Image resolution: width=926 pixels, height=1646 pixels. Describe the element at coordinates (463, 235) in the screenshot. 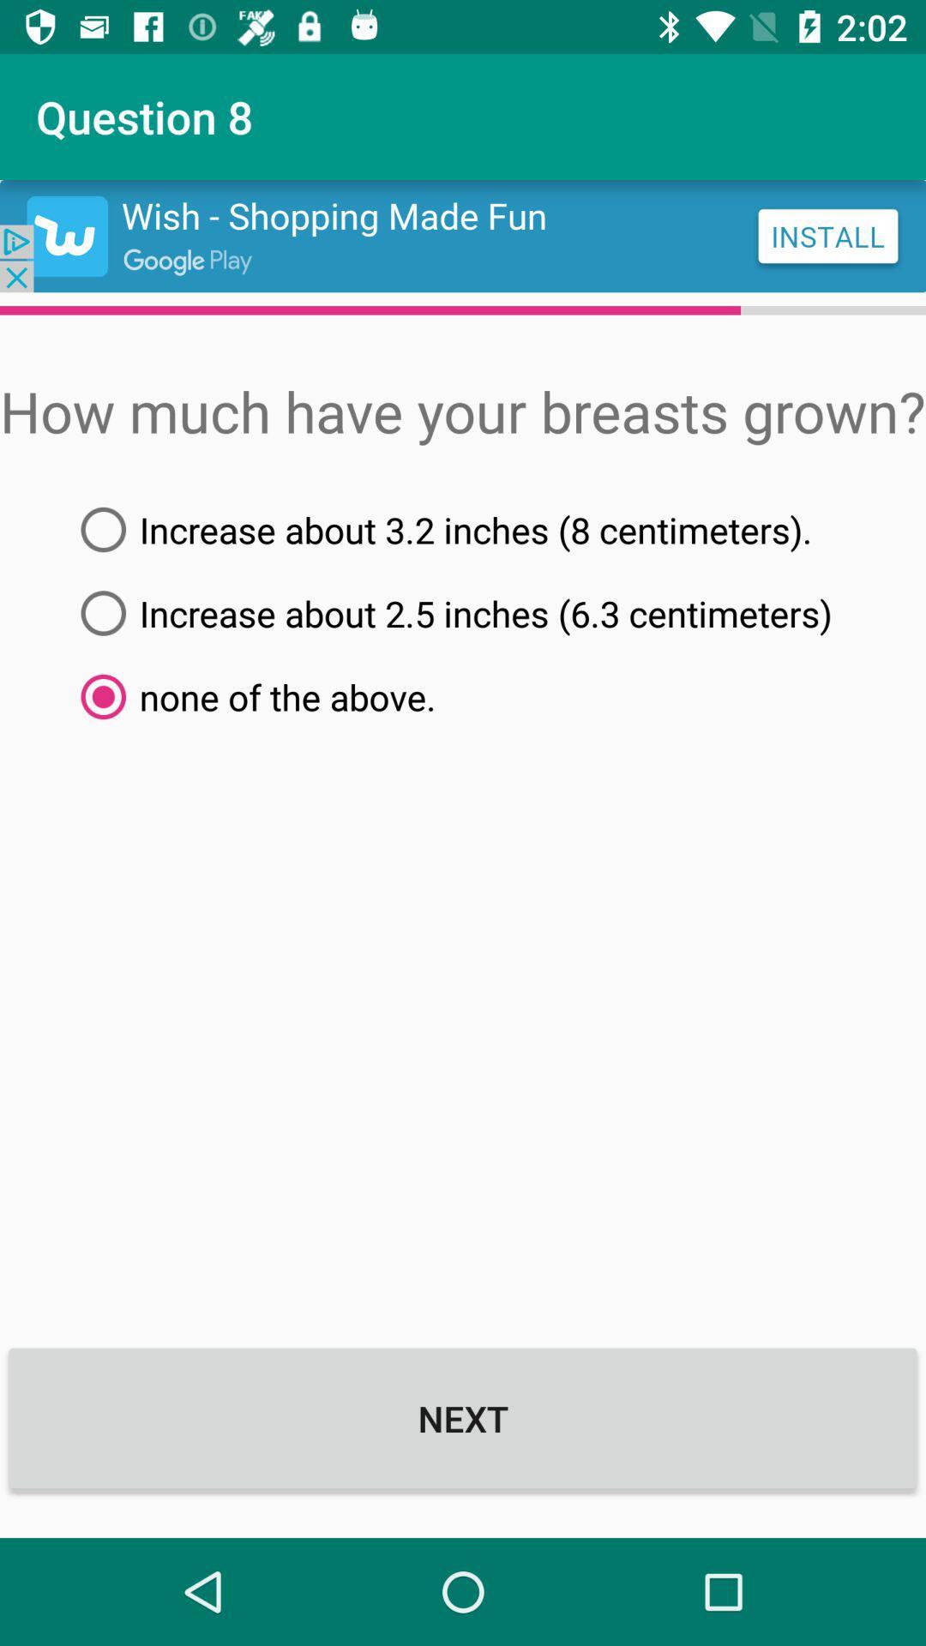

I see `install app` at that location.